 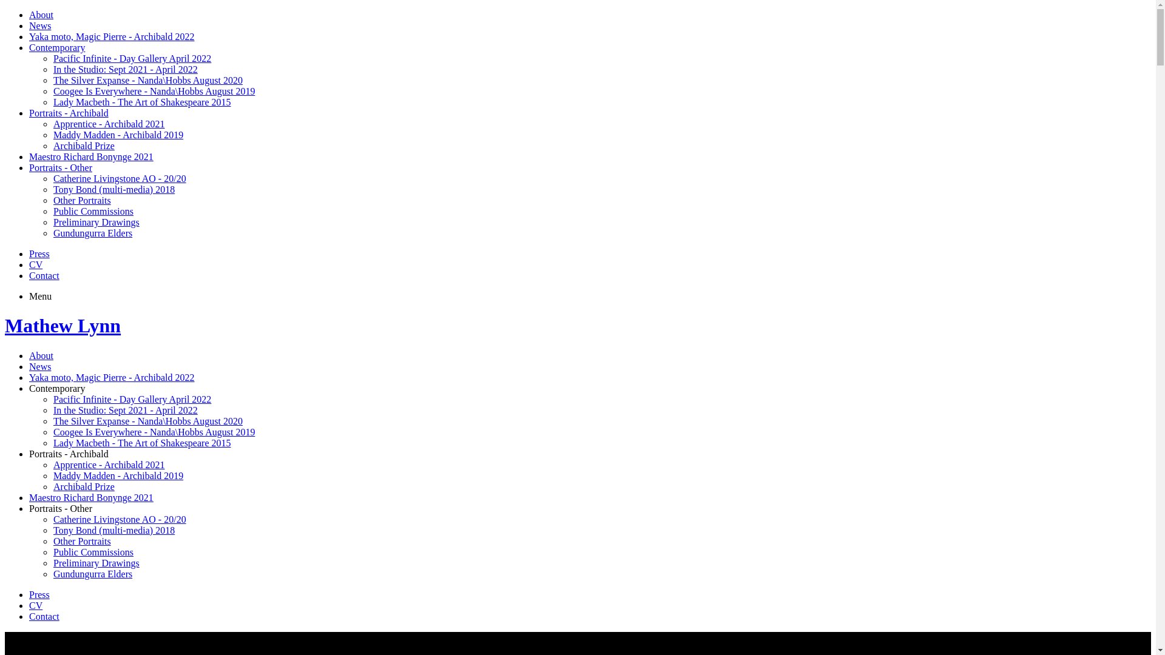 What do you see at coordinates (52, 420) in the screenshot?
I see `'The Silver Expanse - Nanda\Hobbs August 2020'` at bounding box center [52, 420].